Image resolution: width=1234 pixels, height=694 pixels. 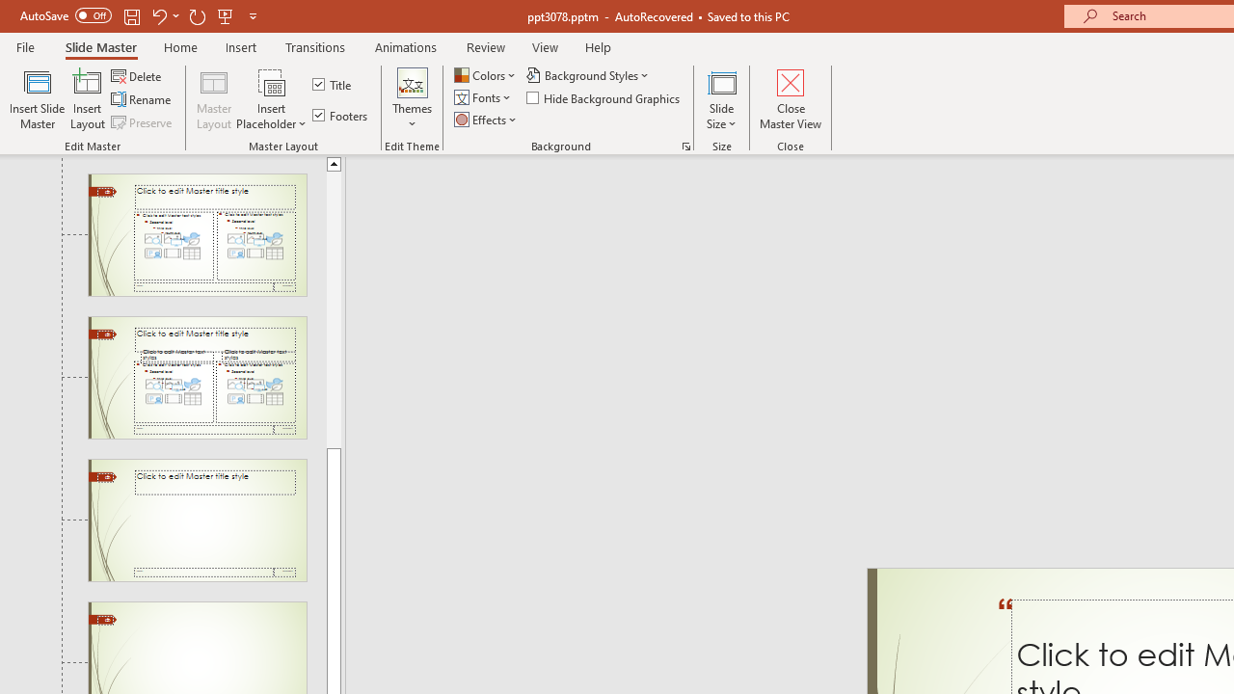 What do you see at coordinates (214, 99) in the screenshot?
I see `'Master Layout...'` at bounding box center [214, 99].